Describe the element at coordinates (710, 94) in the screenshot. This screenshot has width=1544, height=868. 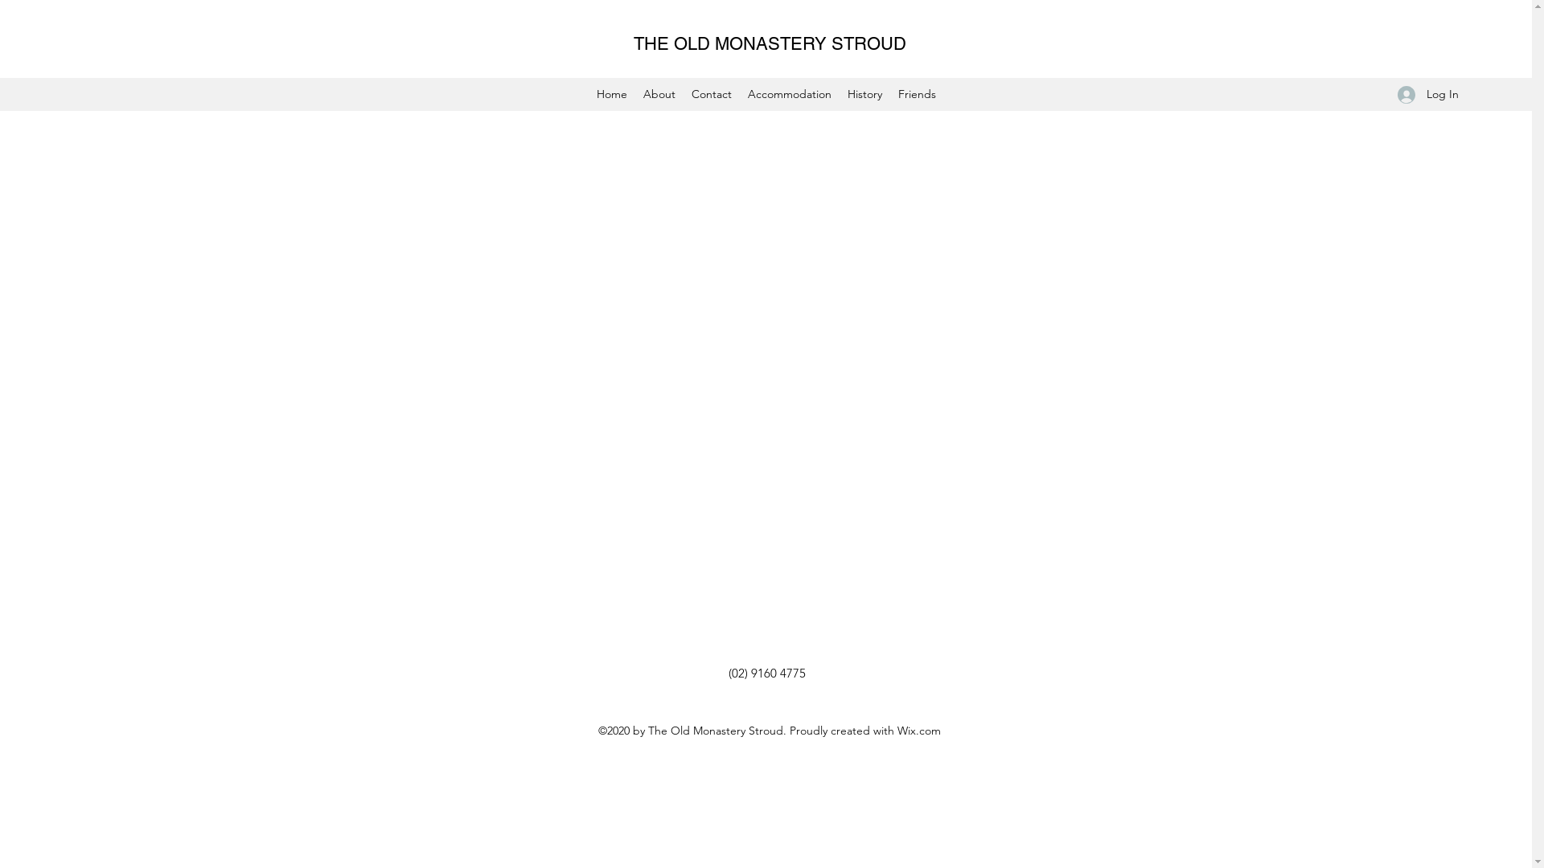
I see `'Contact'` at that location.